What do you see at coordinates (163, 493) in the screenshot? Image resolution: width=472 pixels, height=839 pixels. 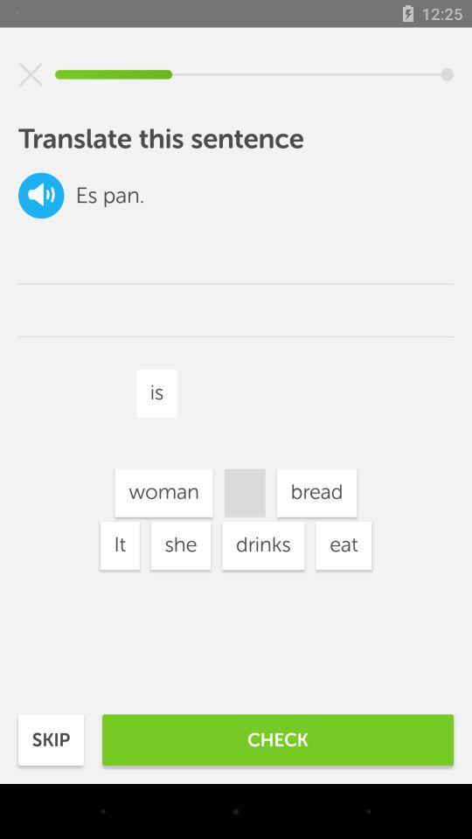 I see `the item above it icon` at bounding box center [163, 493].